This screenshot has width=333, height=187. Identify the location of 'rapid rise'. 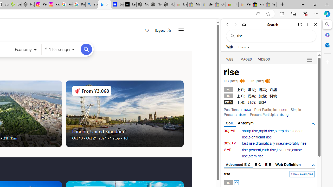
(266, 131).